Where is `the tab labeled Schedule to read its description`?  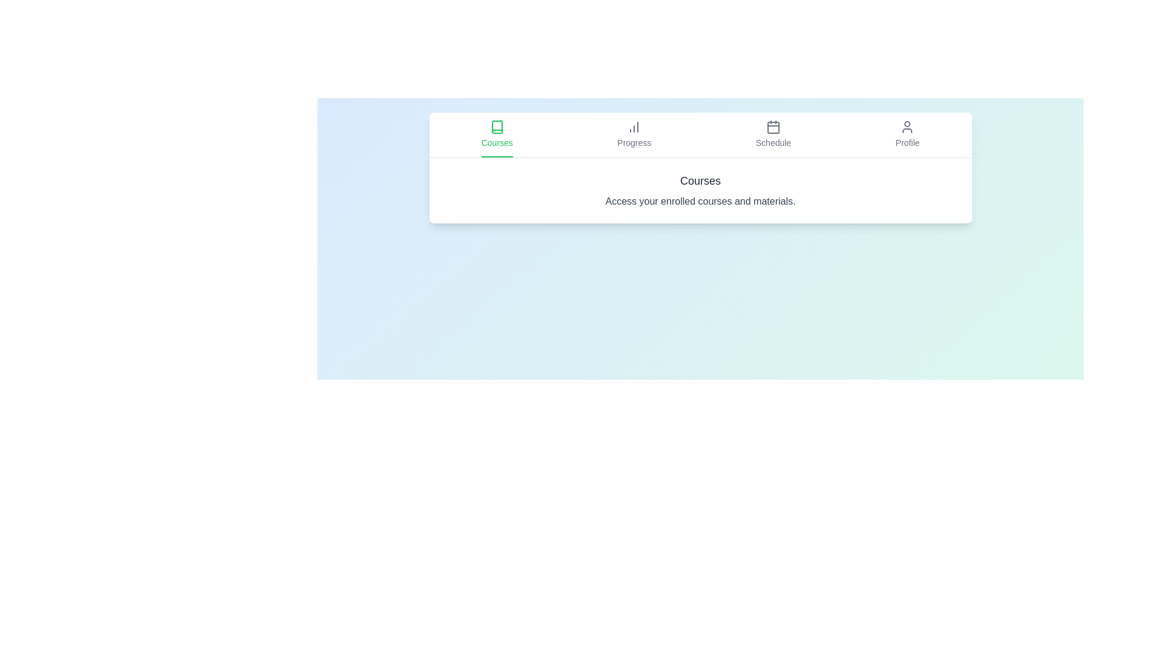 the tab labeled Schedule to read its description is located at coordinates (772, 135).